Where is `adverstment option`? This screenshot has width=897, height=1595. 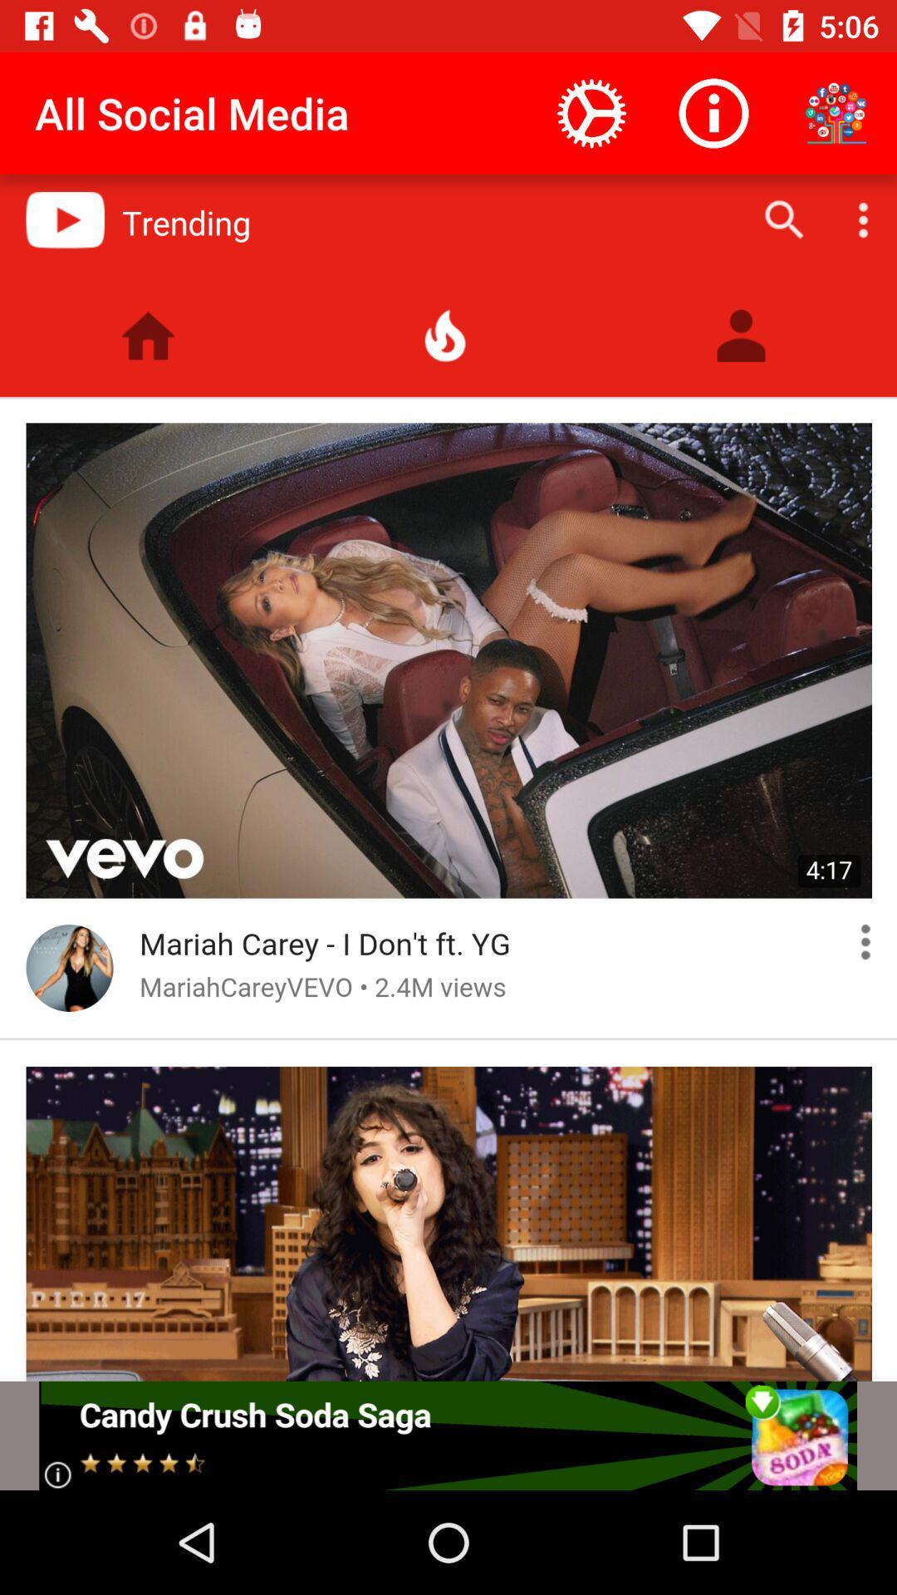 adverstment option is located at coordinates (447, 1435).